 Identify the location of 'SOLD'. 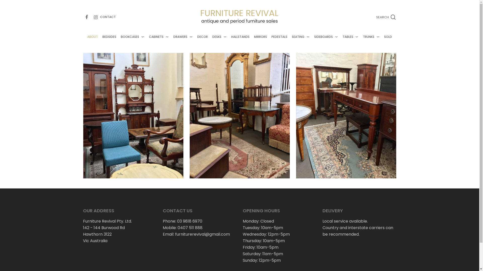
(382, 41).